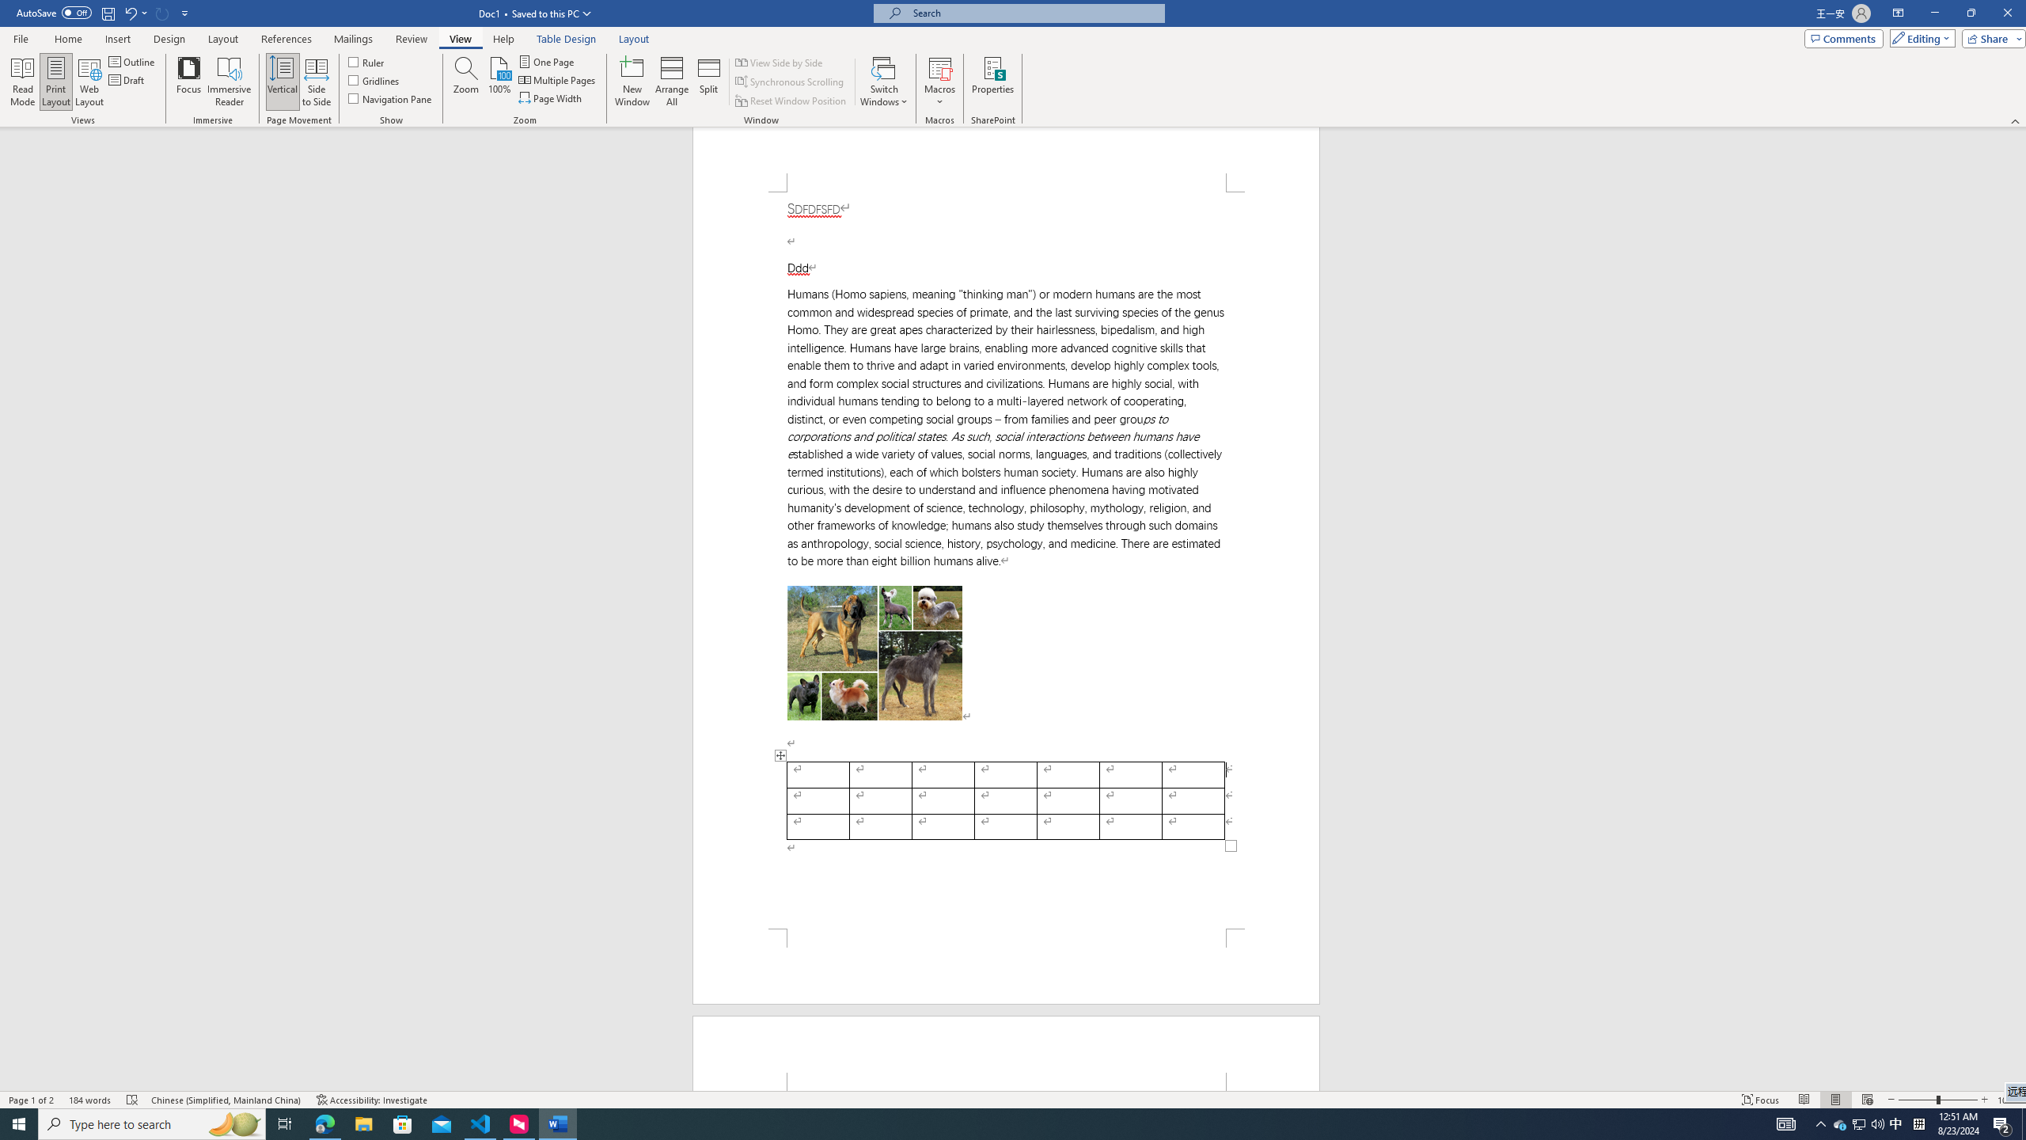  I want to click on 'View Side by Side', so click(780, 62).